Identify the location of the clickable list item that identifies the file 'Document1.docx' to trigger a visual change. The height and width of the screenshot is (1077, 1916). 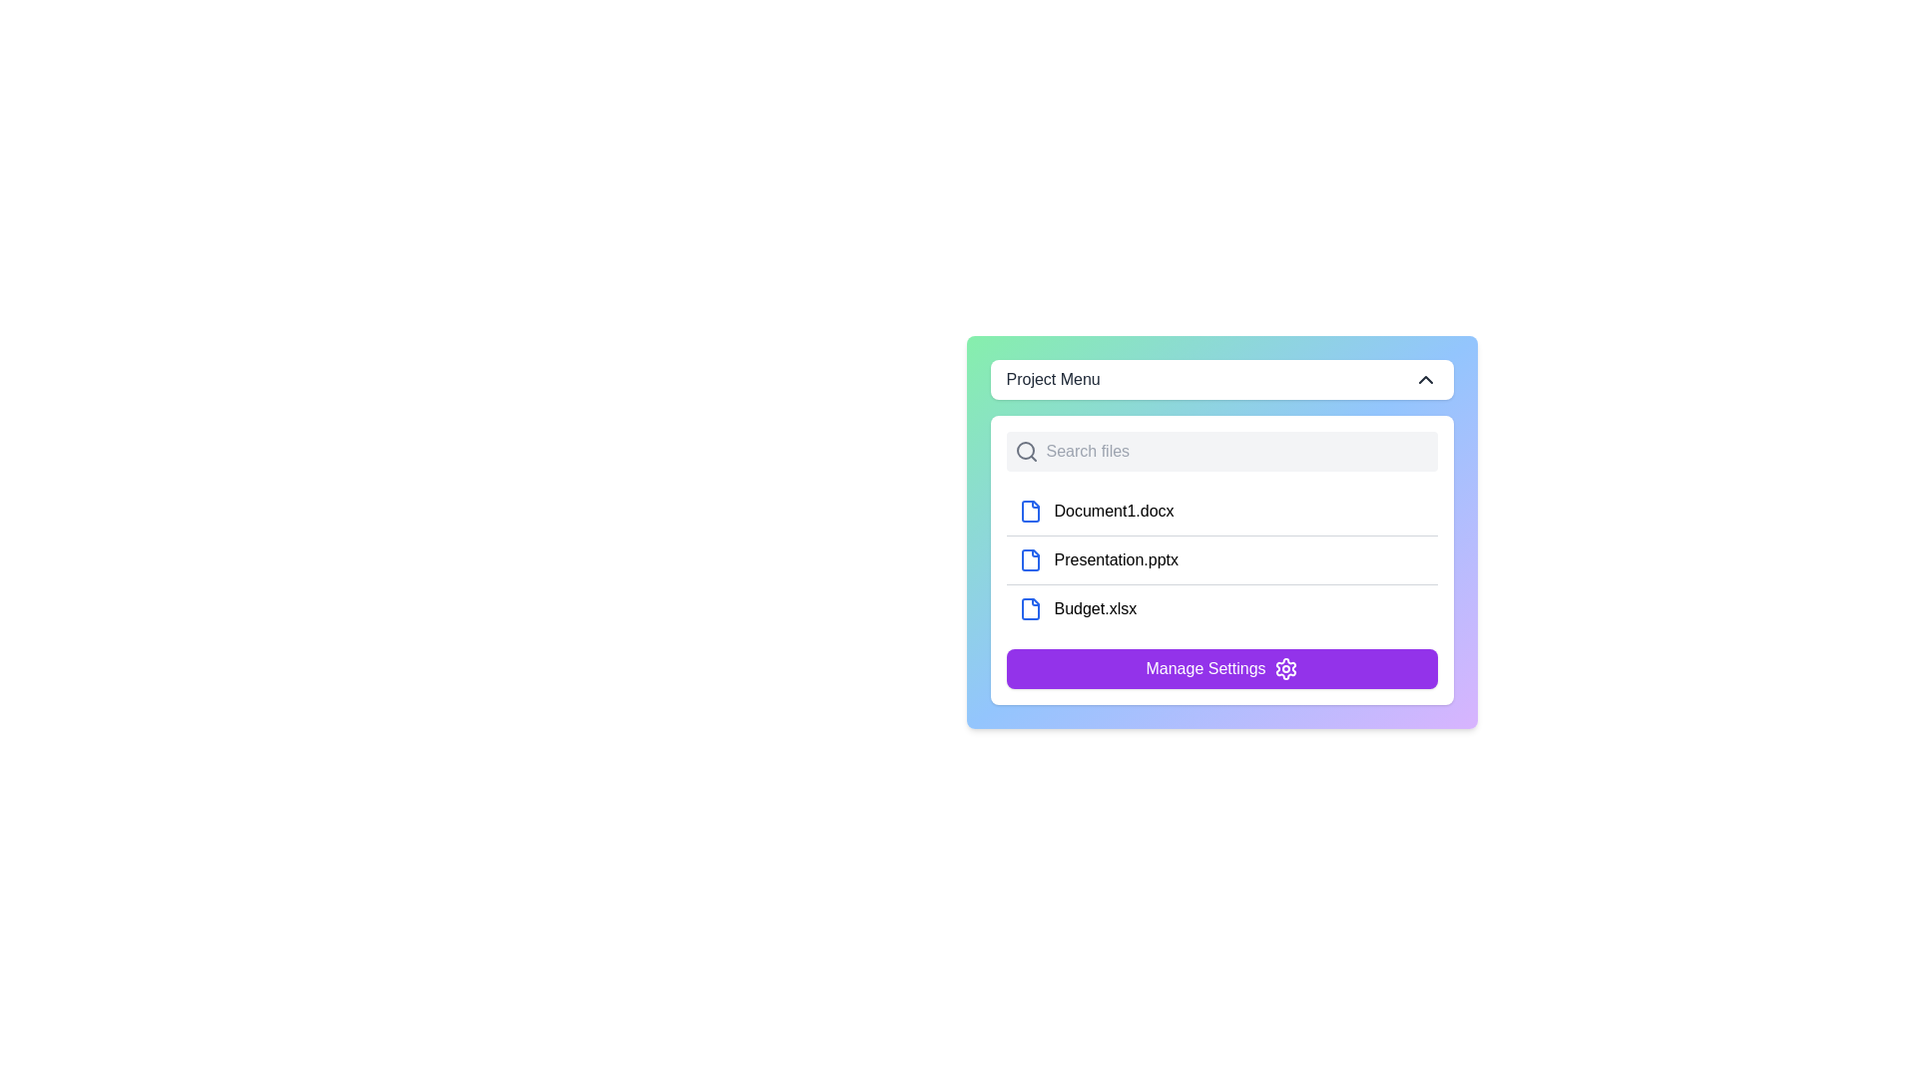
(1220, 511).